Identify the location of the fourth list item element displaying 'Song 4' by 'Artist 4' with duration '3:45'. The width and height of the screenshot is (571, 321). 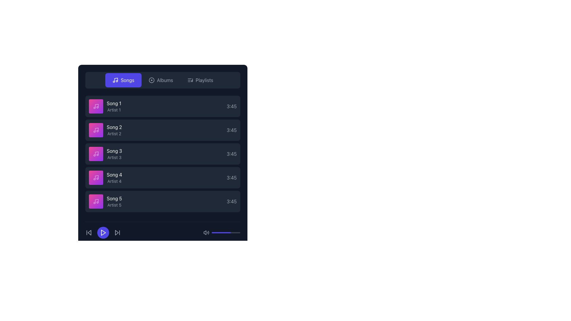
(163, 177).